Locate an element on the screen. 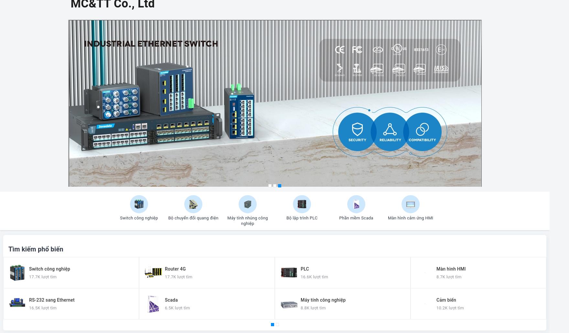 Image resolution: width=569 pixels, height=333 pixels. 'Máy tính nhúng công nghiệp' is located at coordinates (247, 220).